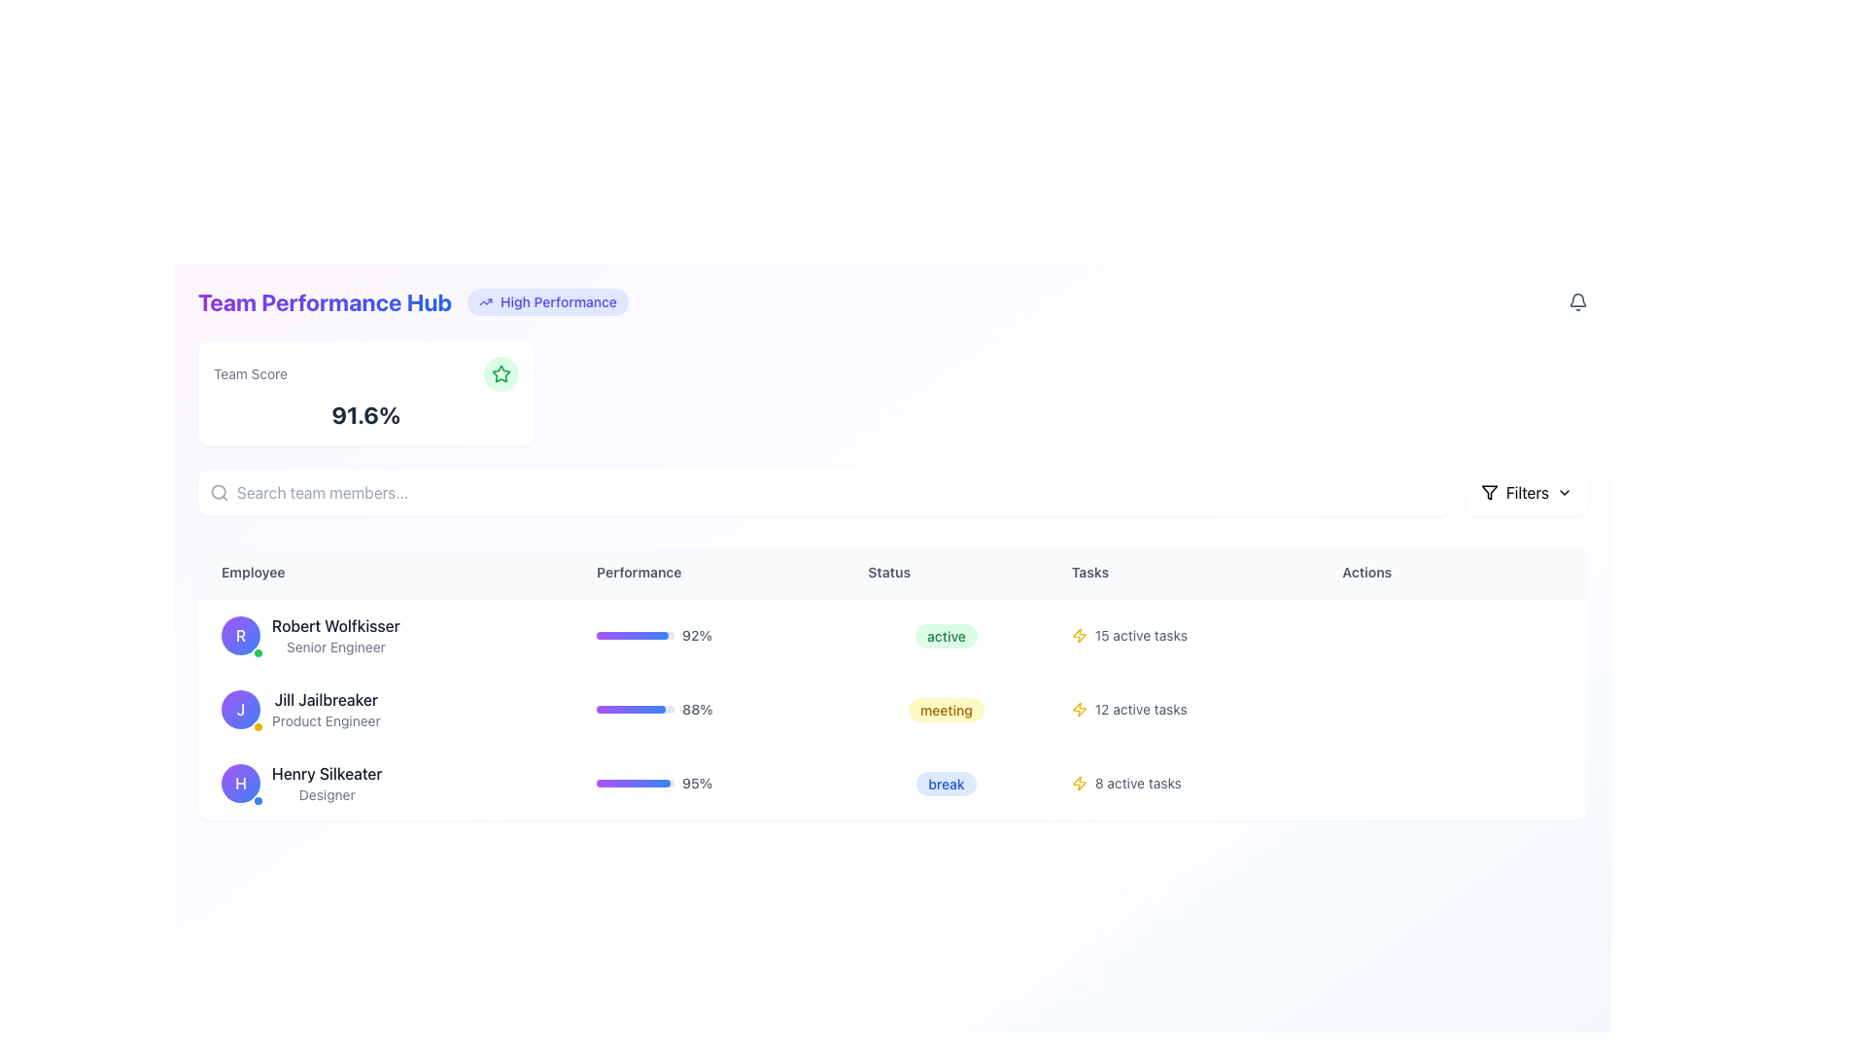 This screenshot has width=1866, height=1050. Describe the element at coordinates (947, 709) in the screenshot. I see `text displayed in the Status label showing 'meeting' for the user 'Jill Jailbreaker', located in the 'Status' column between the 'Performance' column and the 'Tasks' column` at that location.